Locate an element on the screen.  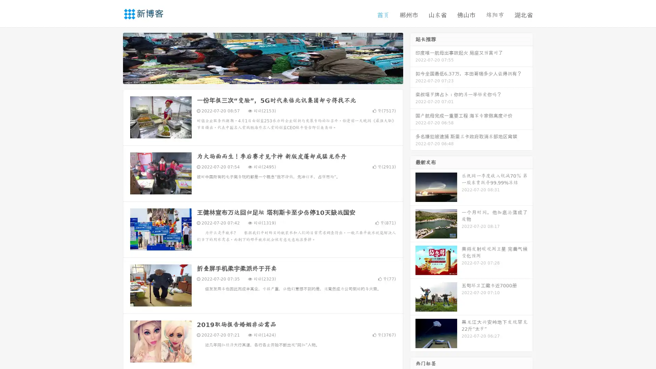
Previous slide is located at coordinates (113, 57).